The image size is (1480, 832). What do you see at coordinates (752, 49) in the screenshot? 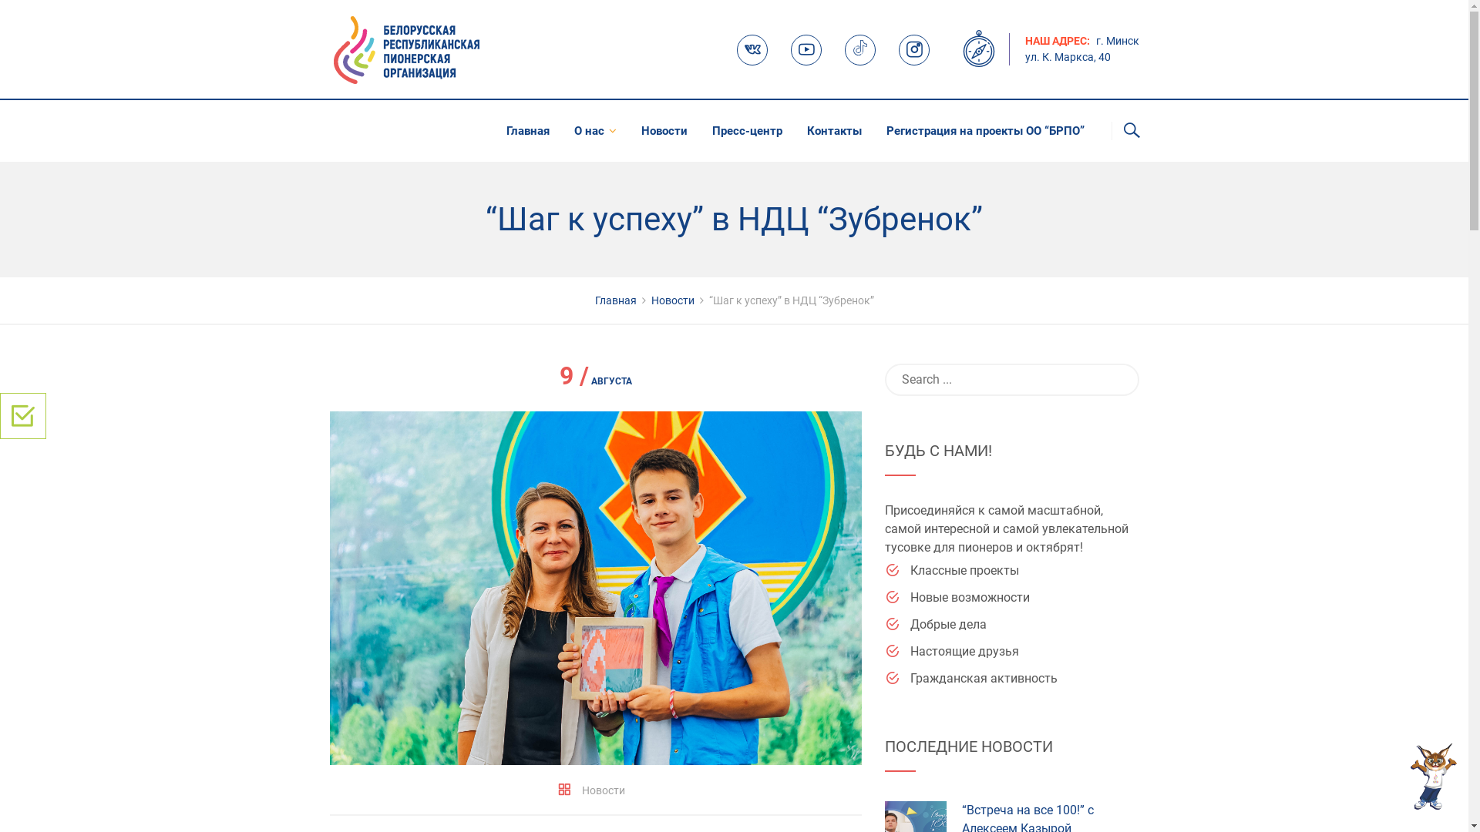
I see `'VK'` at bounding box center [752, 49].